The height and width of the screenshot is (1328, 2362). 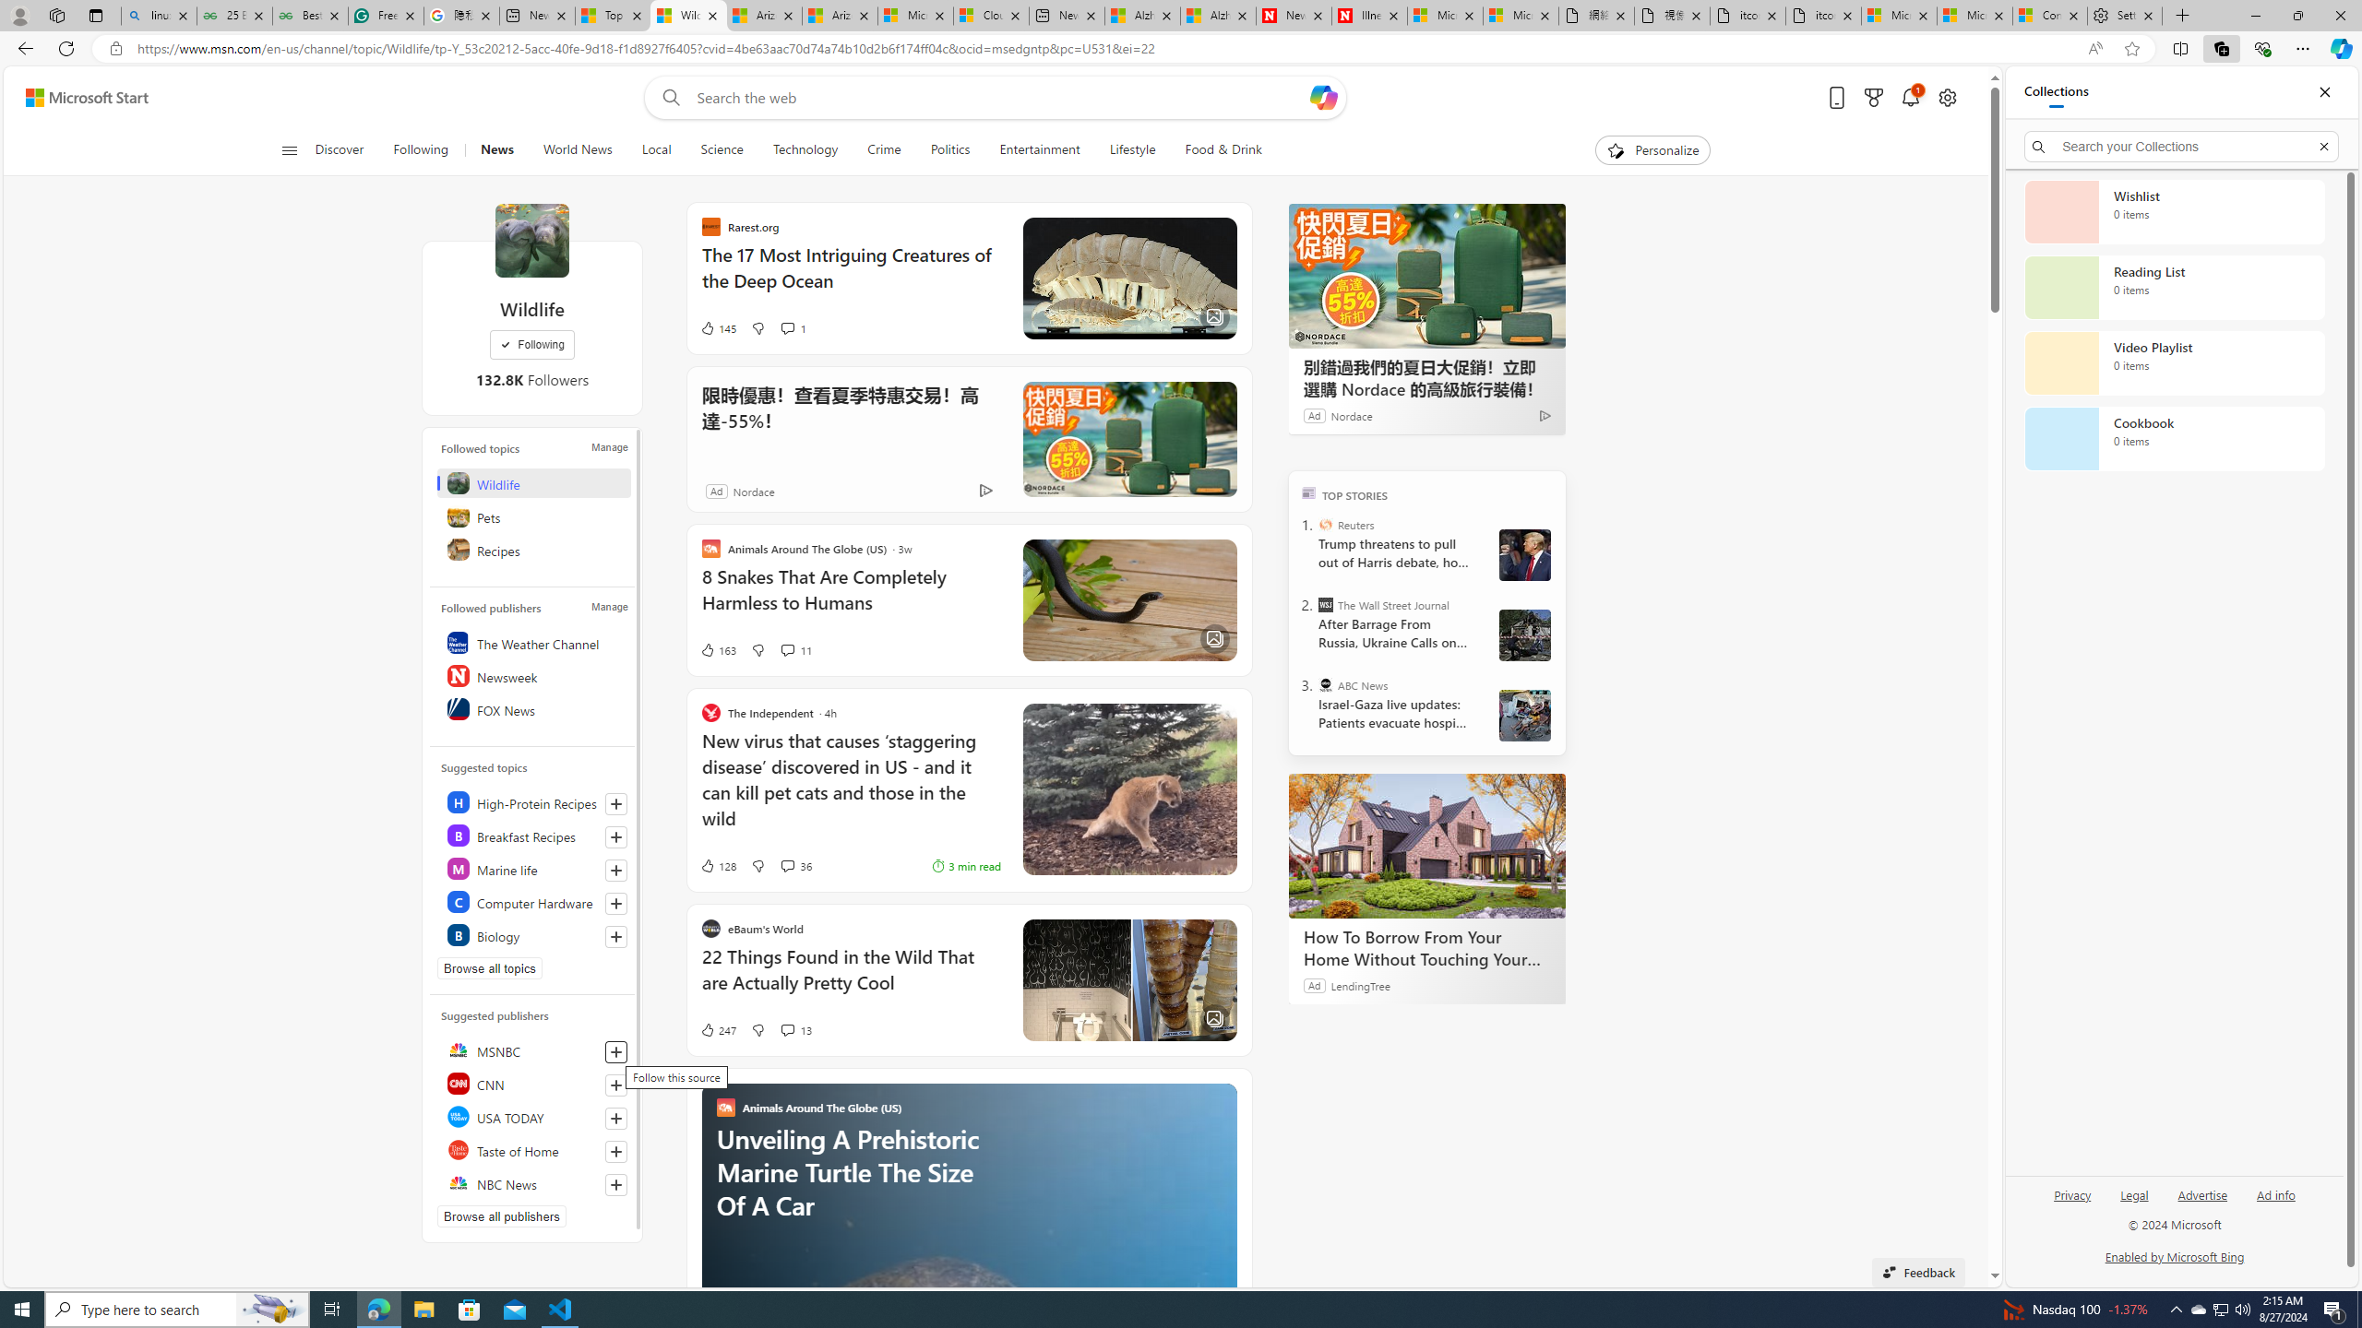 What do you see at coordinates (1000, 96) in the screenshot?
I see `'Enter your search term'` at bounding box center [1000, 96].